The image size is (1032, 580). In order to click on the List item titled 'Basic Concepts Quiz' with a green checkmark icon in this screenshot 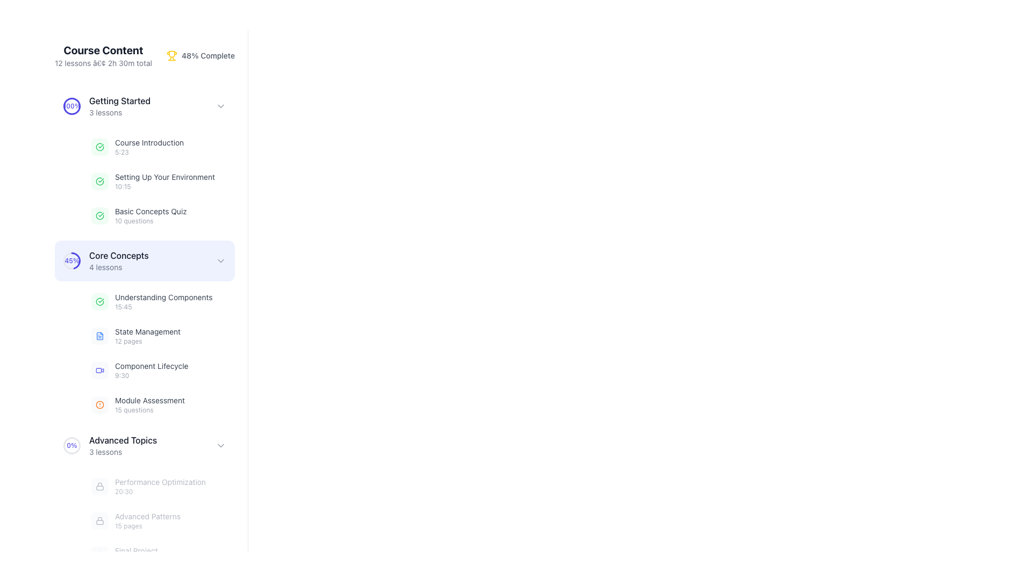, I will do `click(138, 215)`.